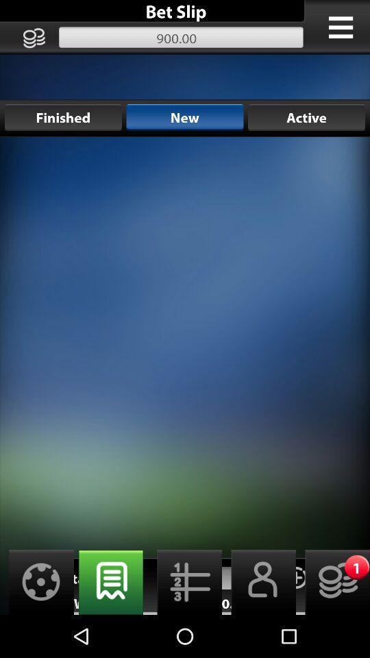 The height and width of the screenshot is (658, 370). I want to click on the settings icon, so click(37, 623).